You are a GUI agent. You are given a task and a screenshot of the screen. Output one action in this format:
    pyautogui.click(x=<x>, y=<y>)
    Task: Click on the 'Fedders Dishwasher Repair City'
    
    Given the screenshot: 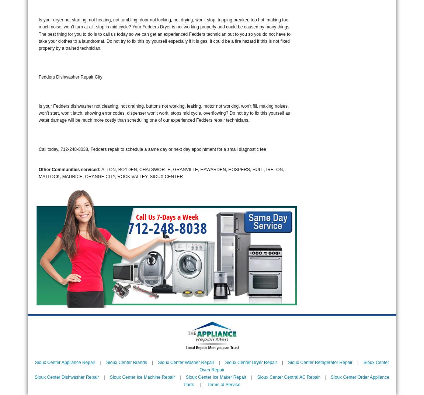 What is the action you would take?
    pyautogui.click(x=70, y=76)
    